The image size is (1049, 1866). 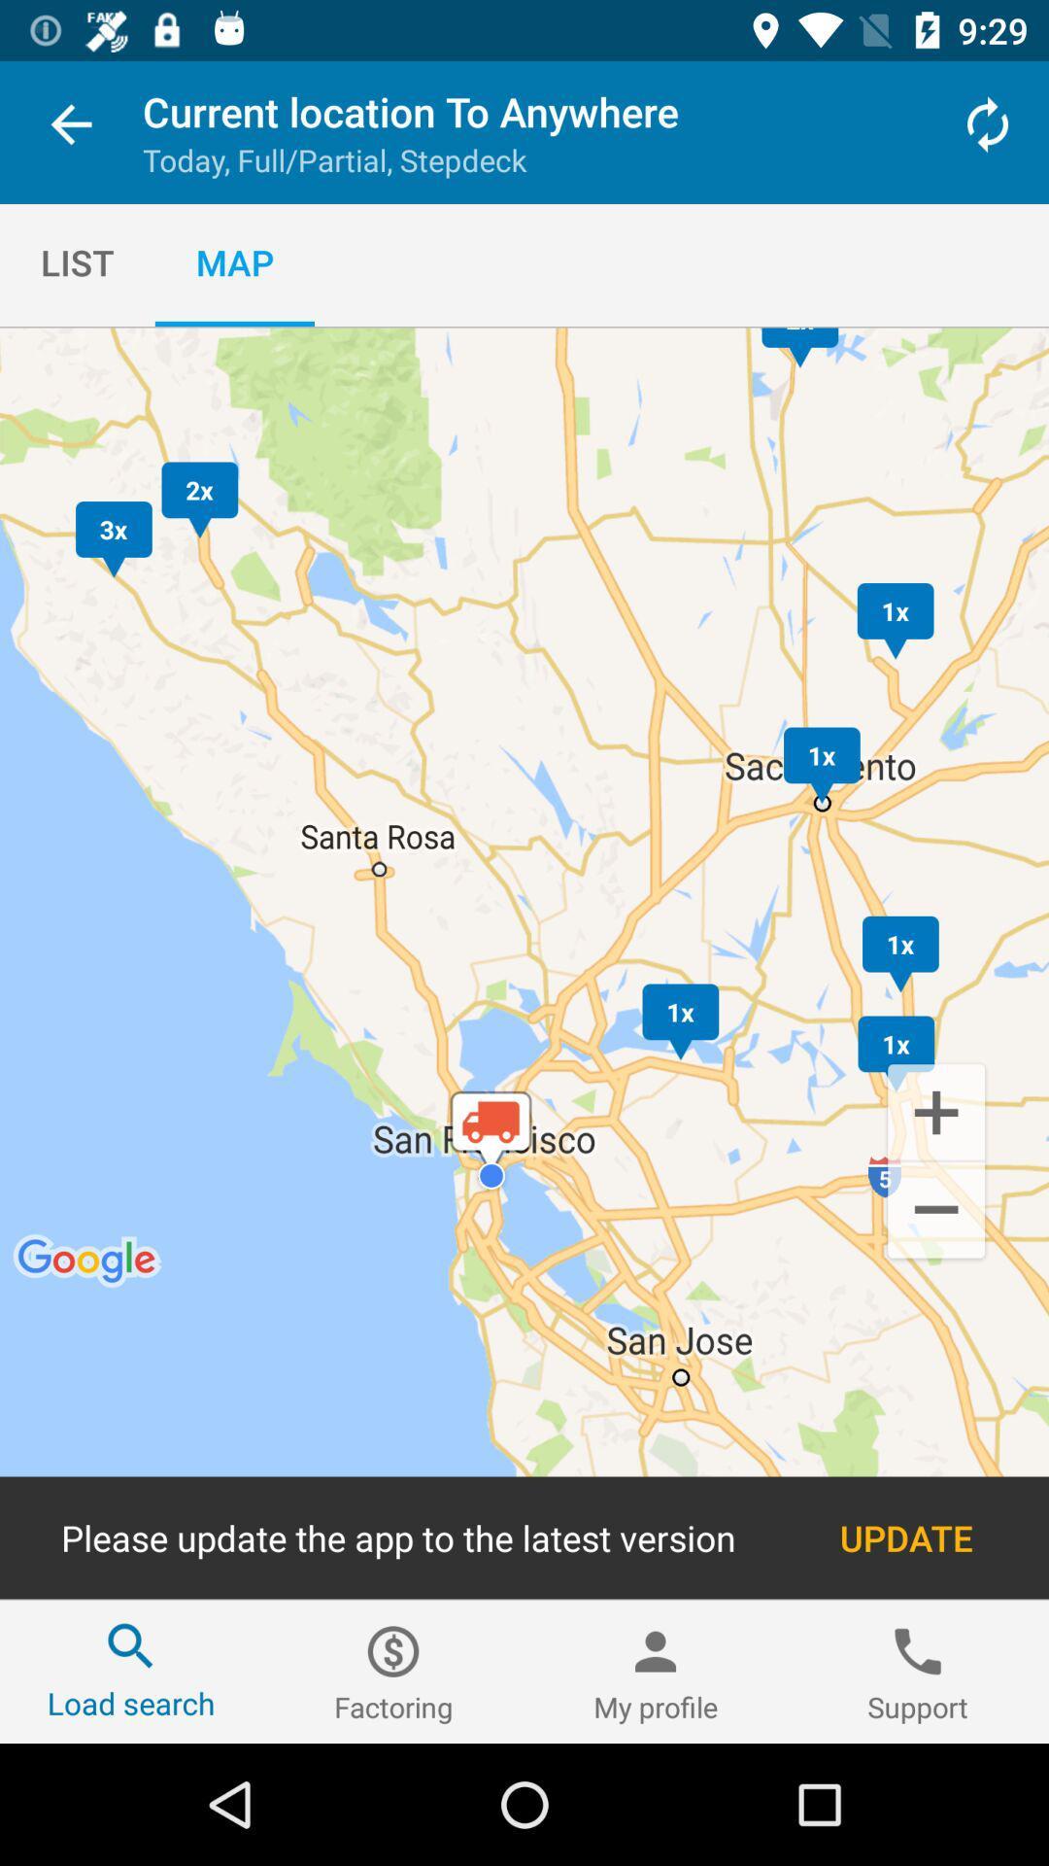 I want to click on item to the left of the map item, so click(x=76, y=261).